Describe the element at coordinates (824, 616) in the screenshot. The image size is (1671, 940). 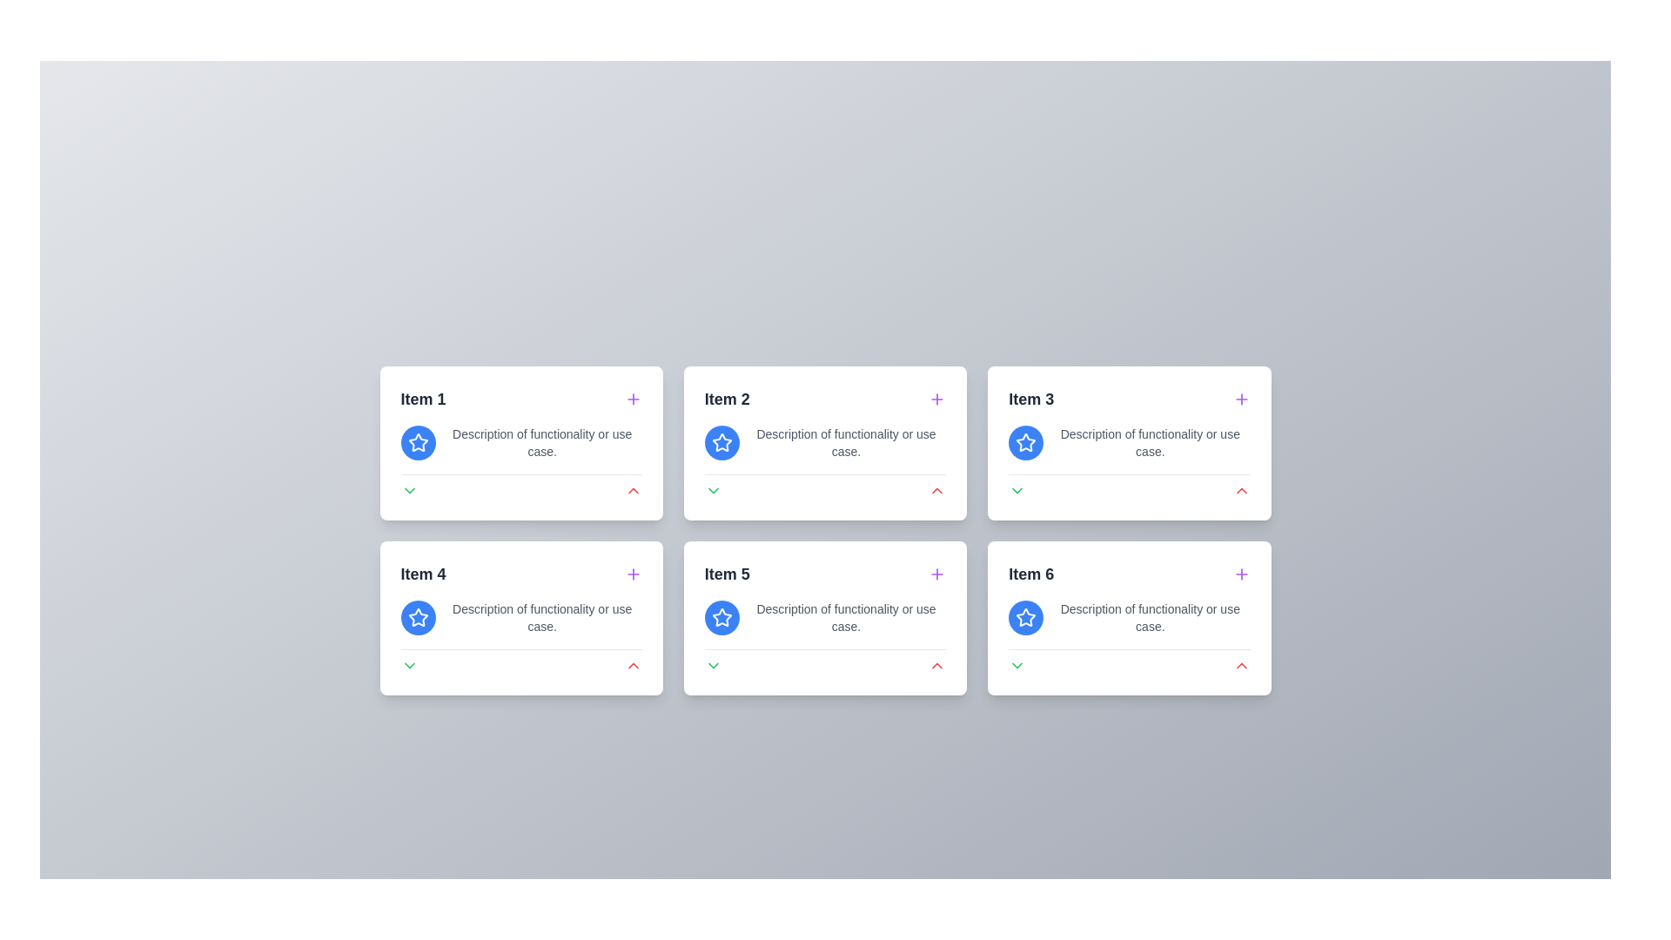
I see `the Text label located in the middle of the second row within the 'Item 5' card` at that location.